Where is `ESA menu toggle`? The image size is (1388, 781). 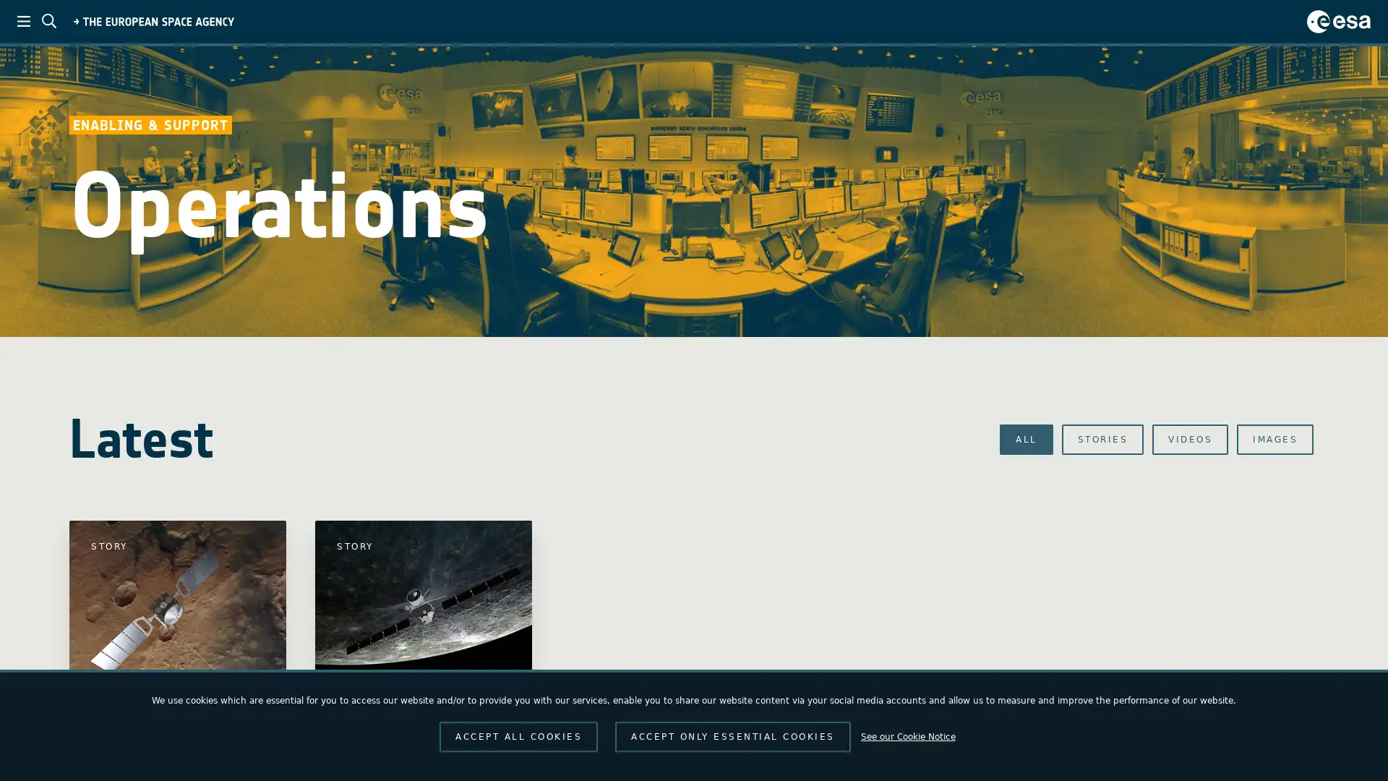 ESA menu toggle is located at coordinates (24, 22).